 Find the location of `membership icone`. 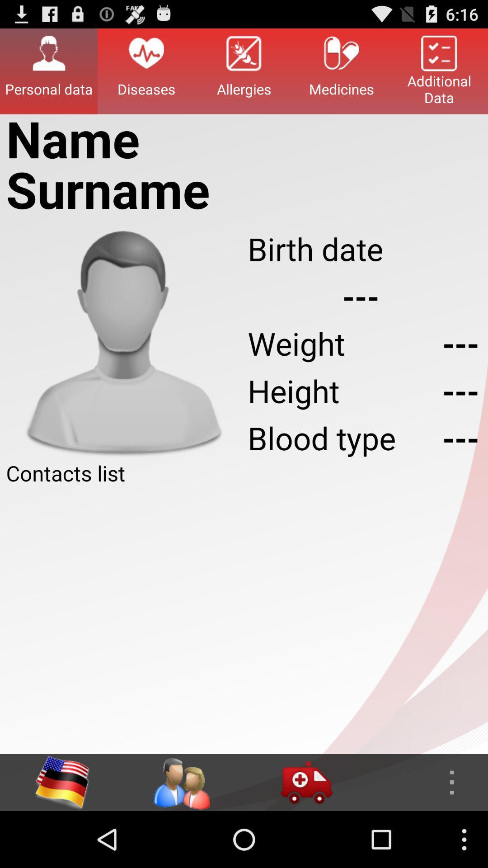

membership icone is located at coordinates (181, 782).